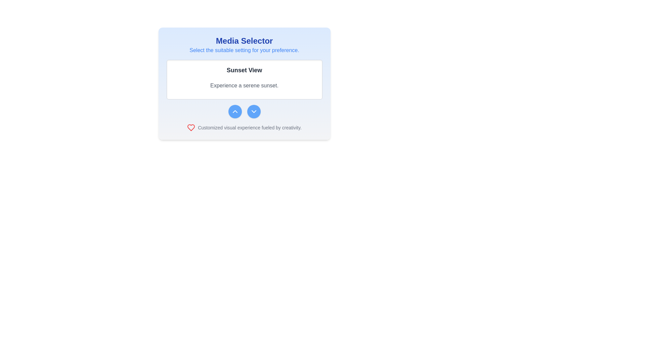 Image resolution: width=645 pixels, height=363 pixels. What do you see at coordinates (235, 111) in the screenshot?
I see `the upward chevron icon located inside the second circular button from the left in the bottom row of buttons within the 'Media Selector' card` at bounding box center [235, 111].